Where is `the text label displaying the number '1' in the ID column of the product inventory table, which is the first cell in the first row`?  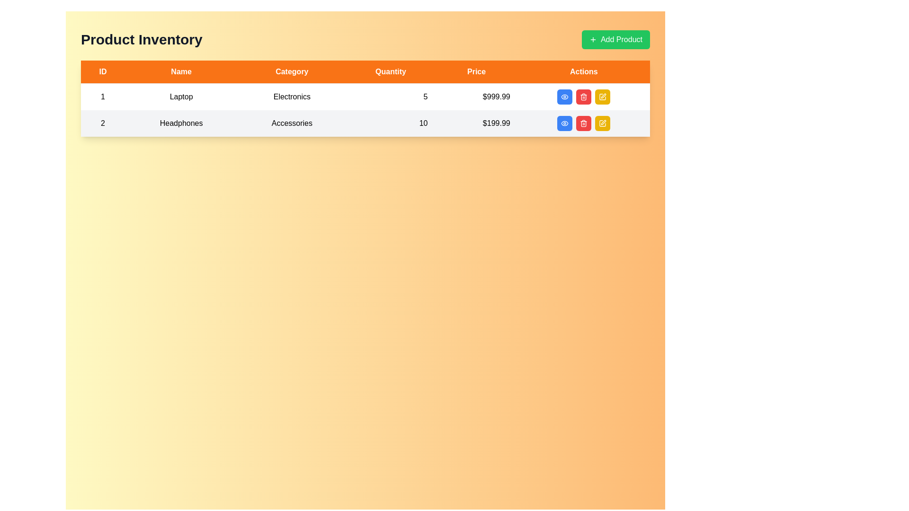 the text label displaying the number '1' in the ID column of the product inventory table, which is the first cell in the first row is located at coordinates (103, 97).